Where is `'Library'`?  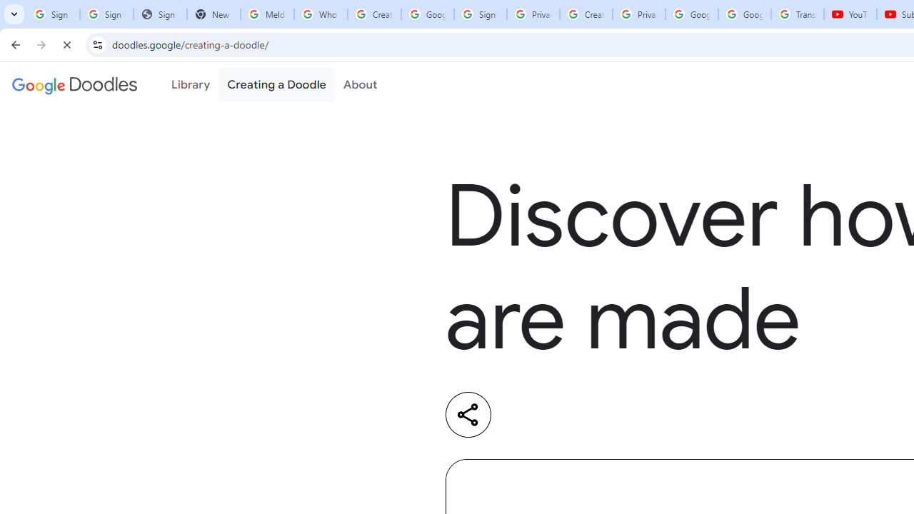
'Library' is located at coordinates (190, 85).